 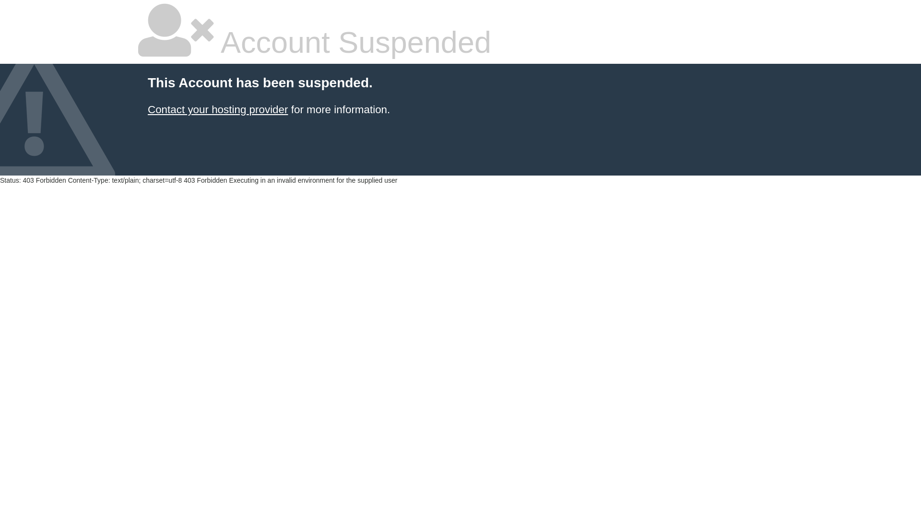 I want to click on 'Contact your hosting provider', so click(x=217, y=109).